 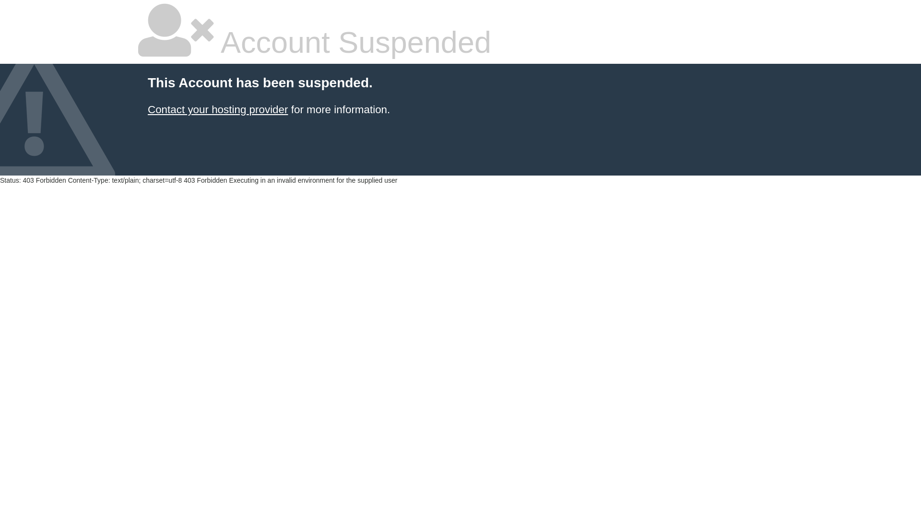 I want to click on 'Contact your hosting provider', so click(x=217, y=109).